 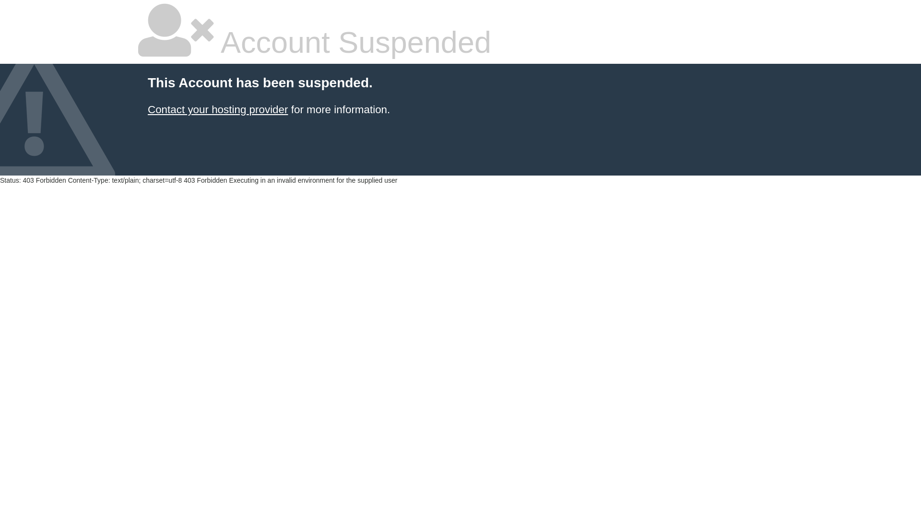 I want to click on 'Contact your hosting provider', so click(x=217, y=109).